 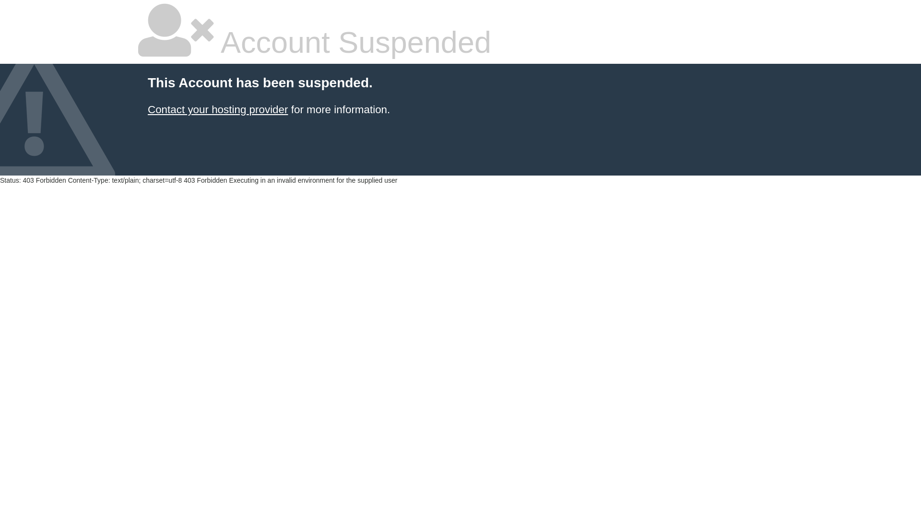 I want to click on 'Contact your hosting provider', so click(x=217, y=109).